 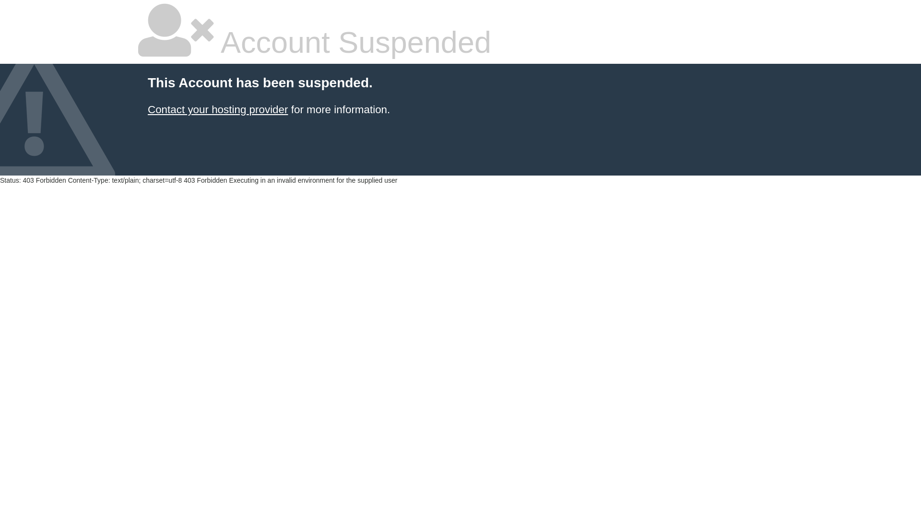 I want to click on 'Contact your hosting provider', so click(x=217, y=109).